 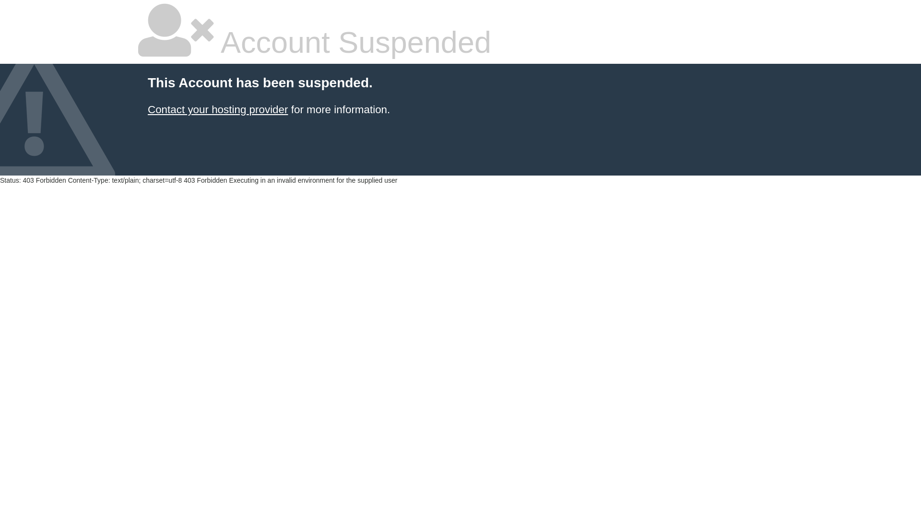 I want to click on 'Contact your hosting provider', so click(x=217, y=109).